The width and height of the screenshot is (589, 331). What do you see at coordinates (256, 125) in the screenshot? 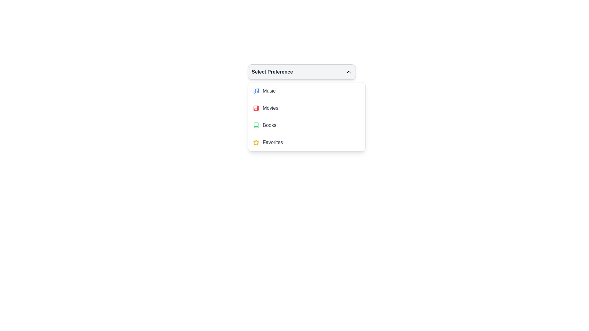
I see `the 'Books' category icon located next to the text 'Books' in the dropdown list titled 'Select Preference' to associate it with its category` at bounding box center [256, 125].